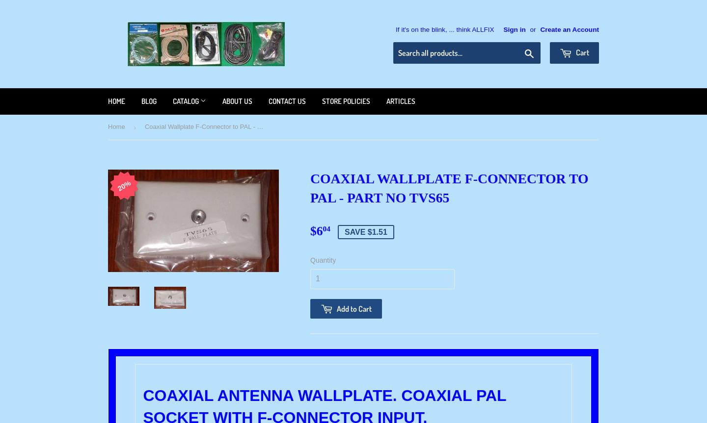 The image size is (707, 423). What do you see at coordinates (570, 29) in the screenshot?
I see `'Create an Account'` at bounding box center [570, 29].